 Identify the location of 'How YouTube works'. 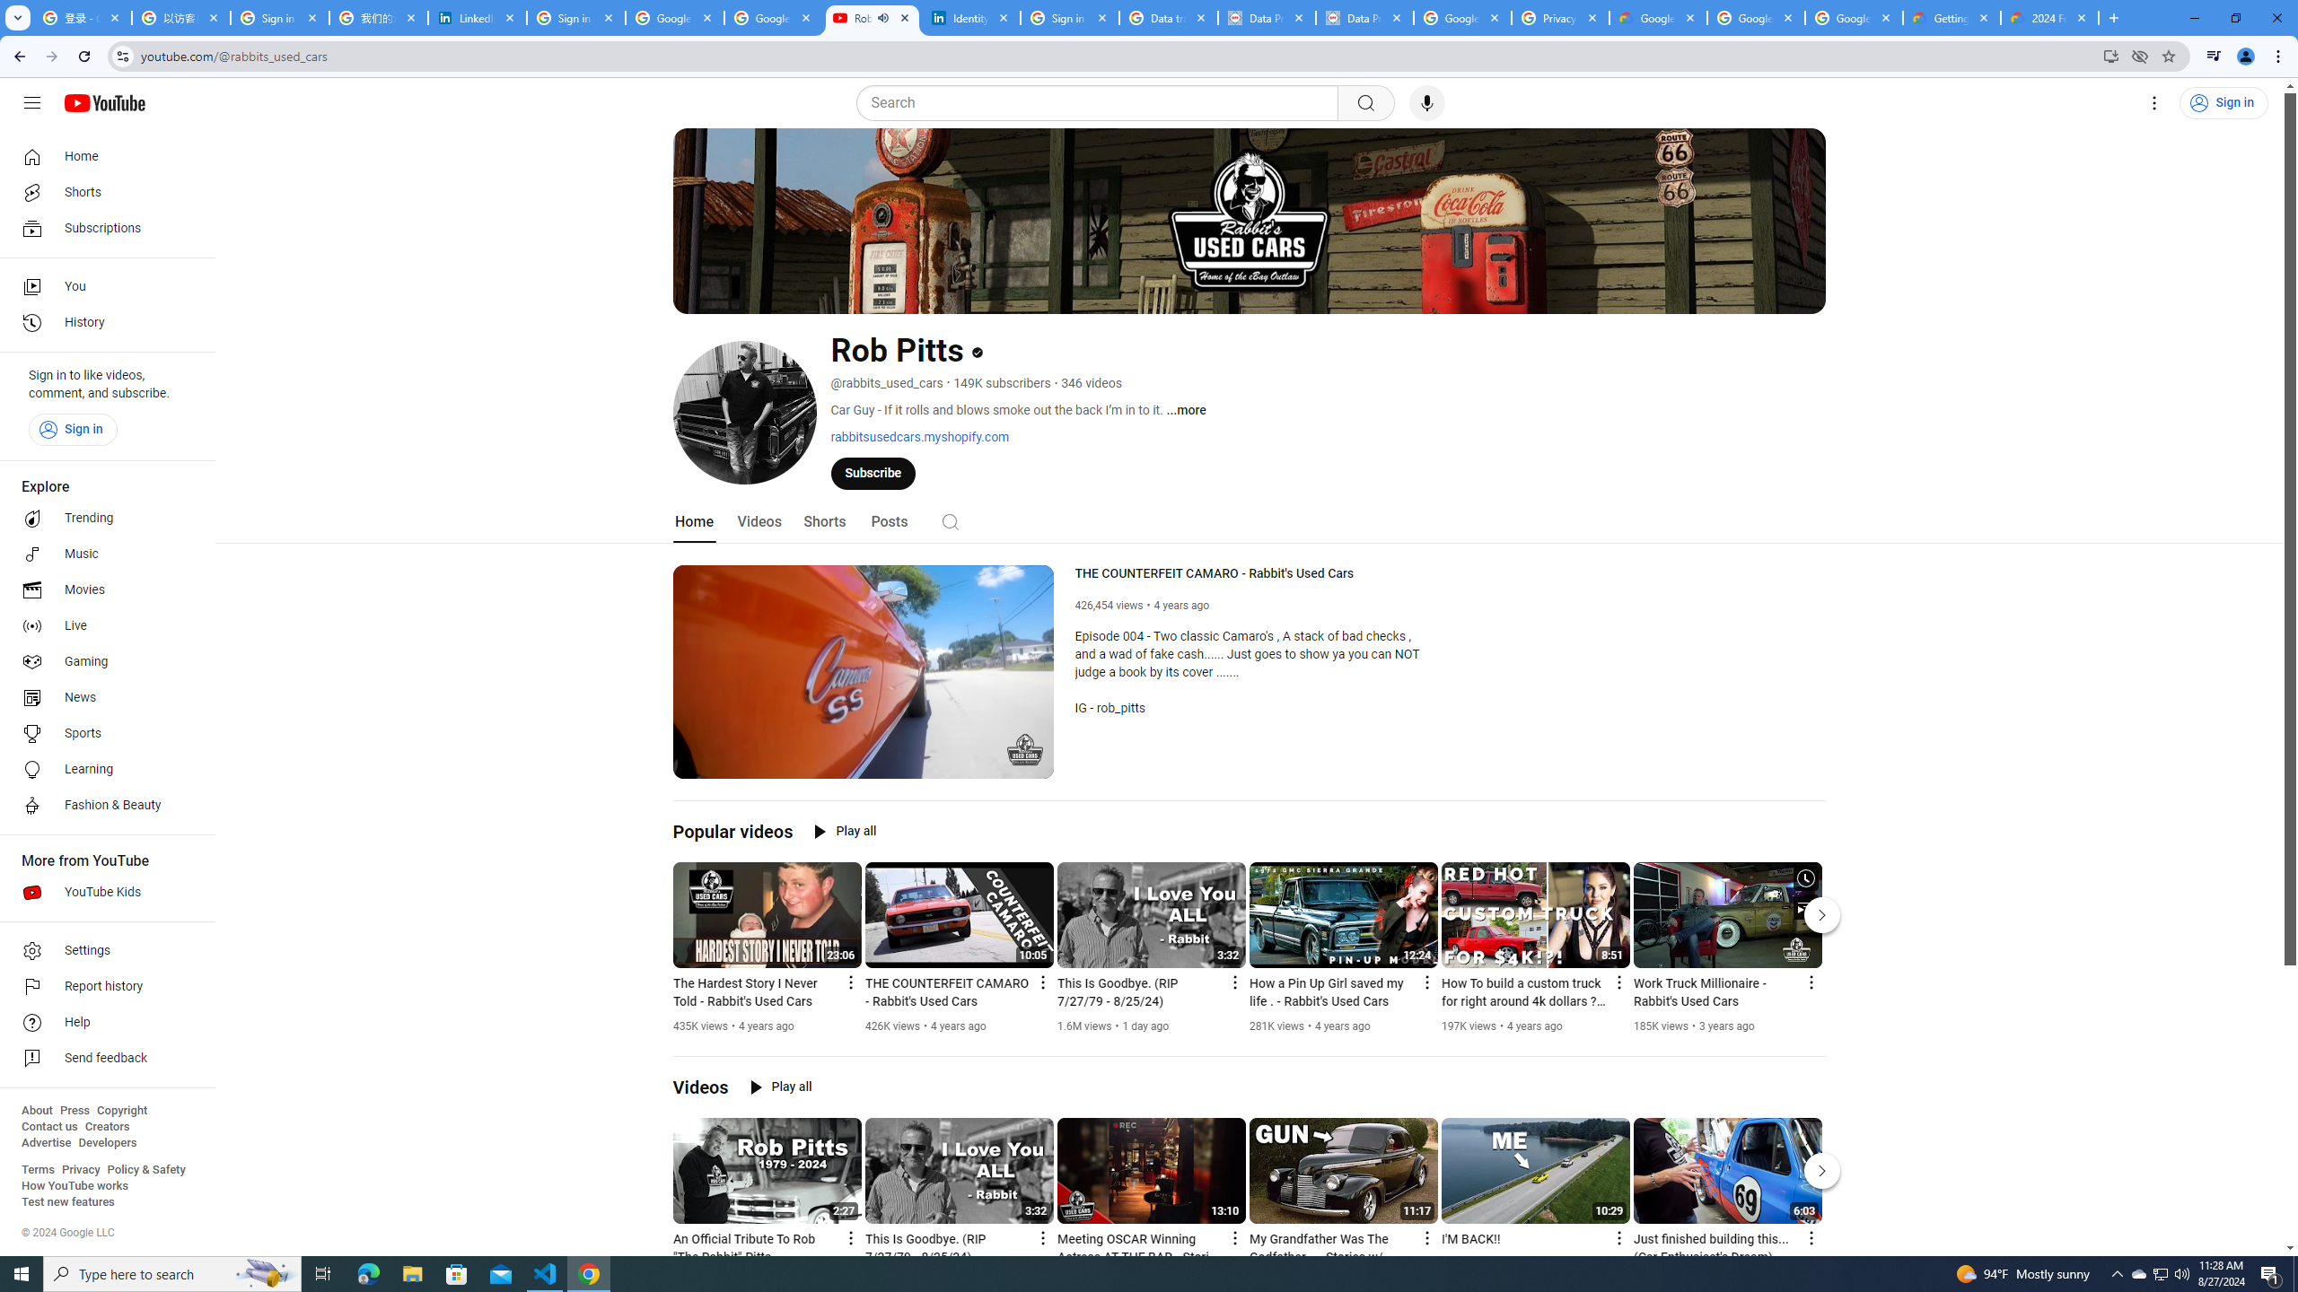
(74, 1185).